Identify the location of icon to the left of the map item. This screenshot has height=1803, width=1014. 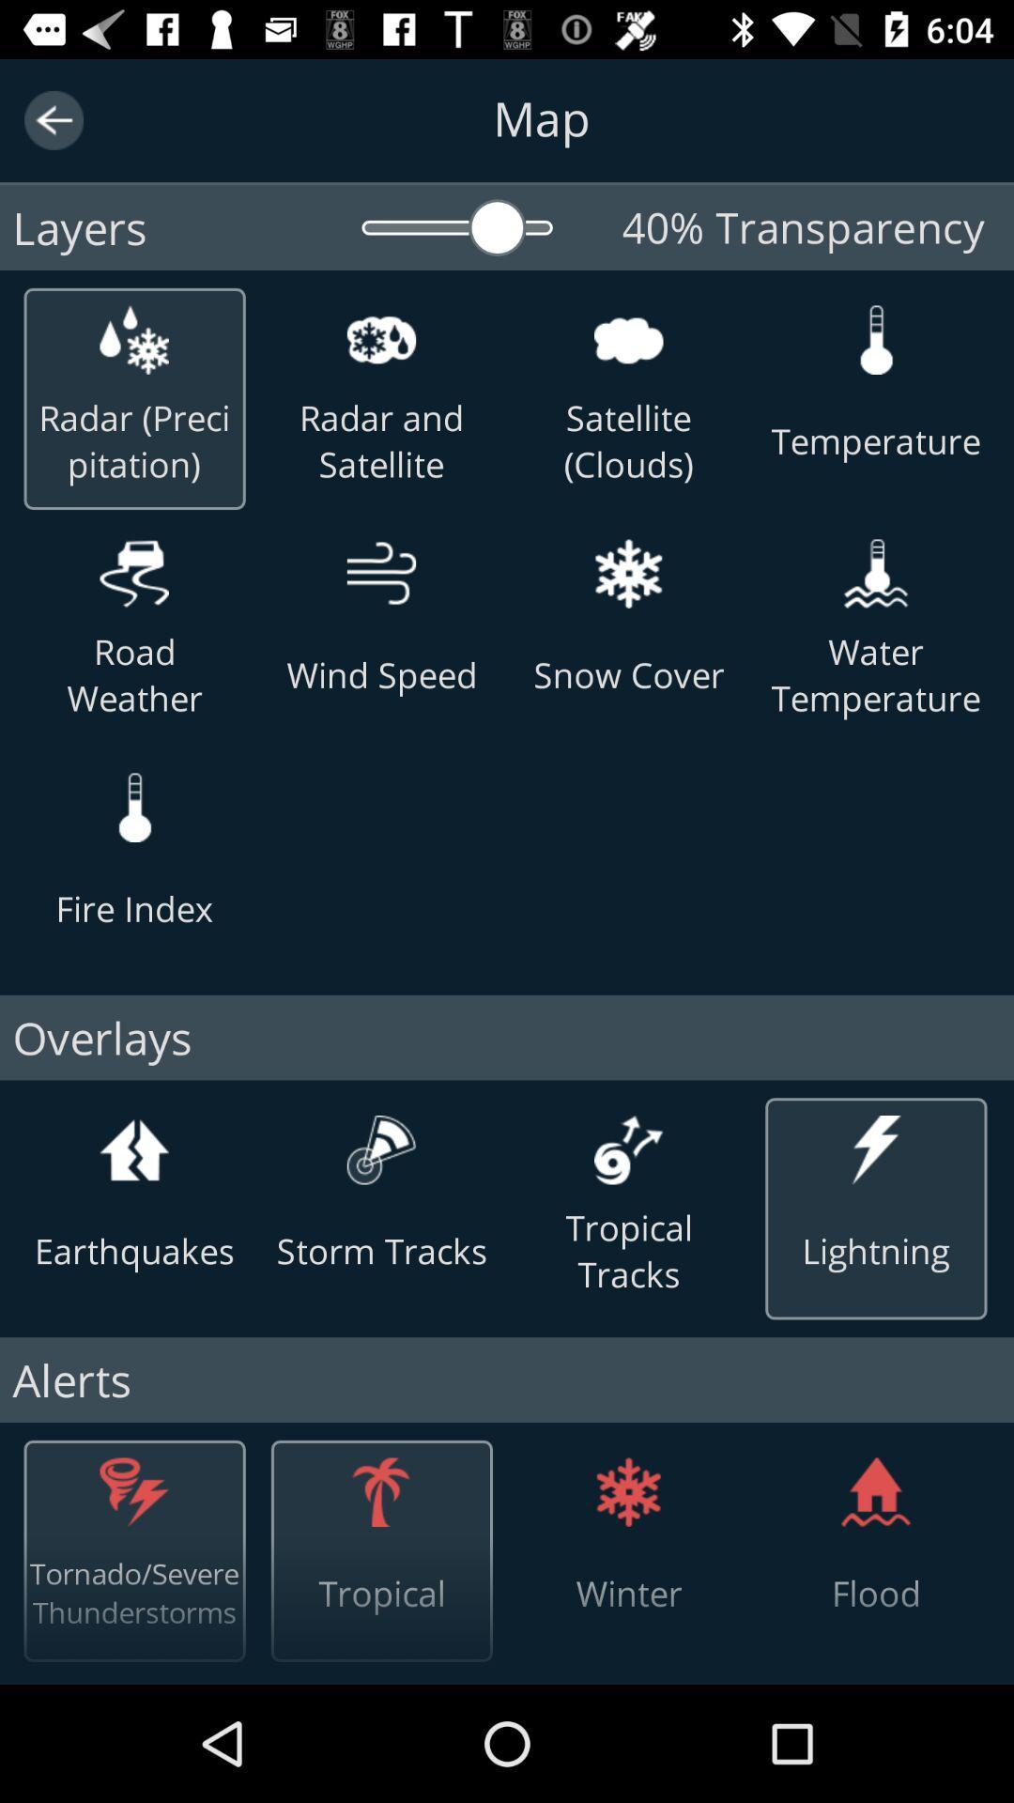
(53, 119).